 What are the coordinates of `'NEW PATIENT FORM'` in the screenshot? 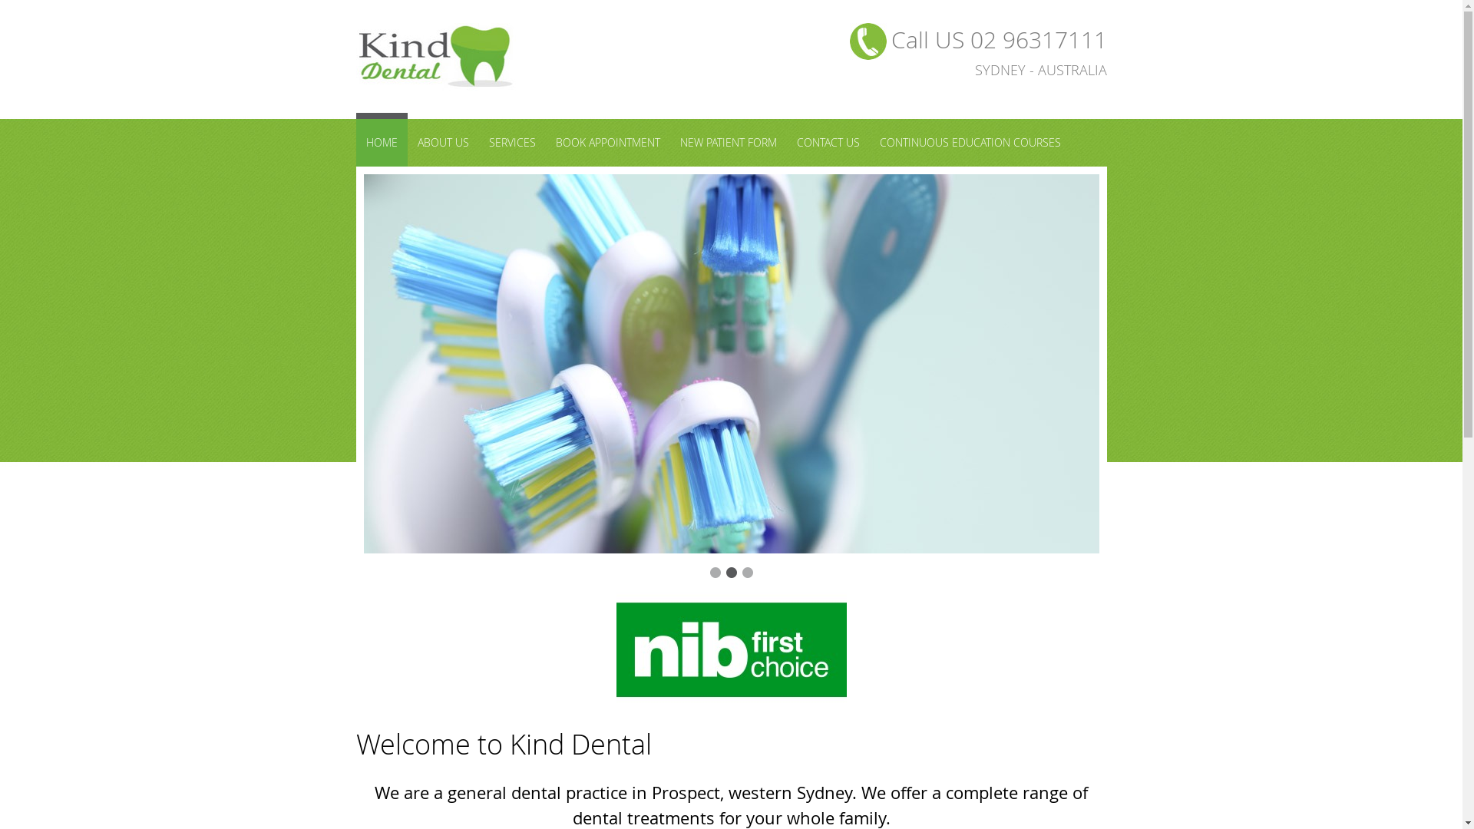 It's located at (727, 142).